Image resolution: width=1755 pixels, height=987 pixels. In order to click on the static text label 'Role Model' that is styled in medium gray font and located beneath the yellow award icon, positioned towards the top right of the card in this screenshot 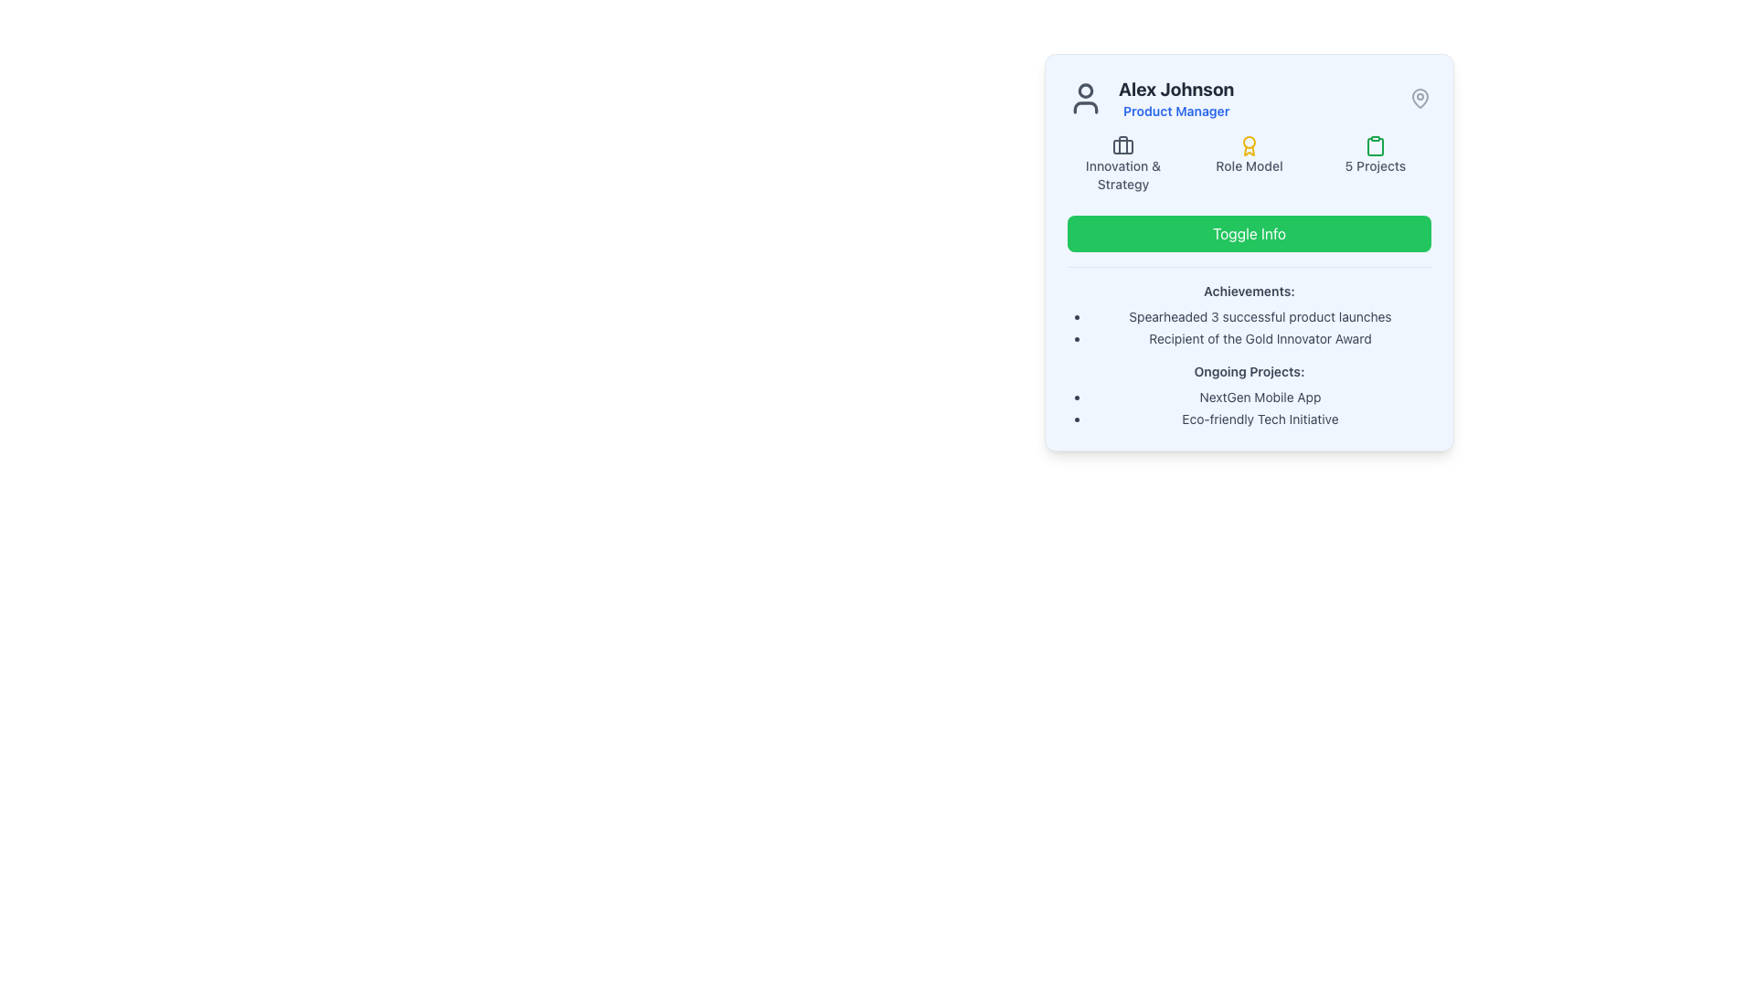, I will do `click(1249, 165)`.